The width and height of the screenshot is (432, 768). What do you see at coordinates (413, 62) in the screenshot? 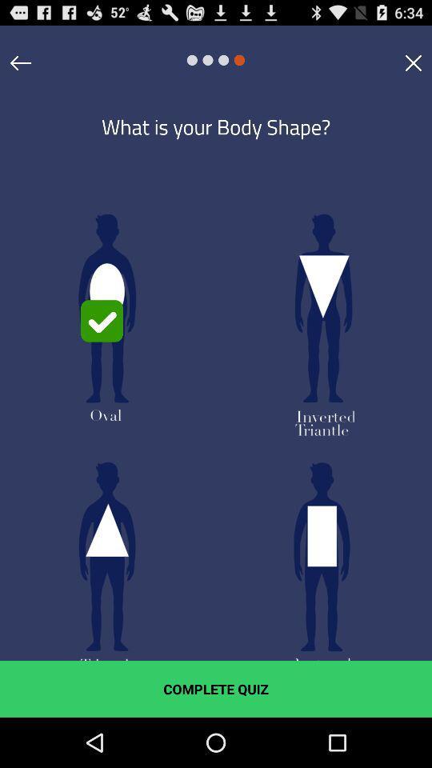
I see `button to cancel` at bounding box center [413, 62].